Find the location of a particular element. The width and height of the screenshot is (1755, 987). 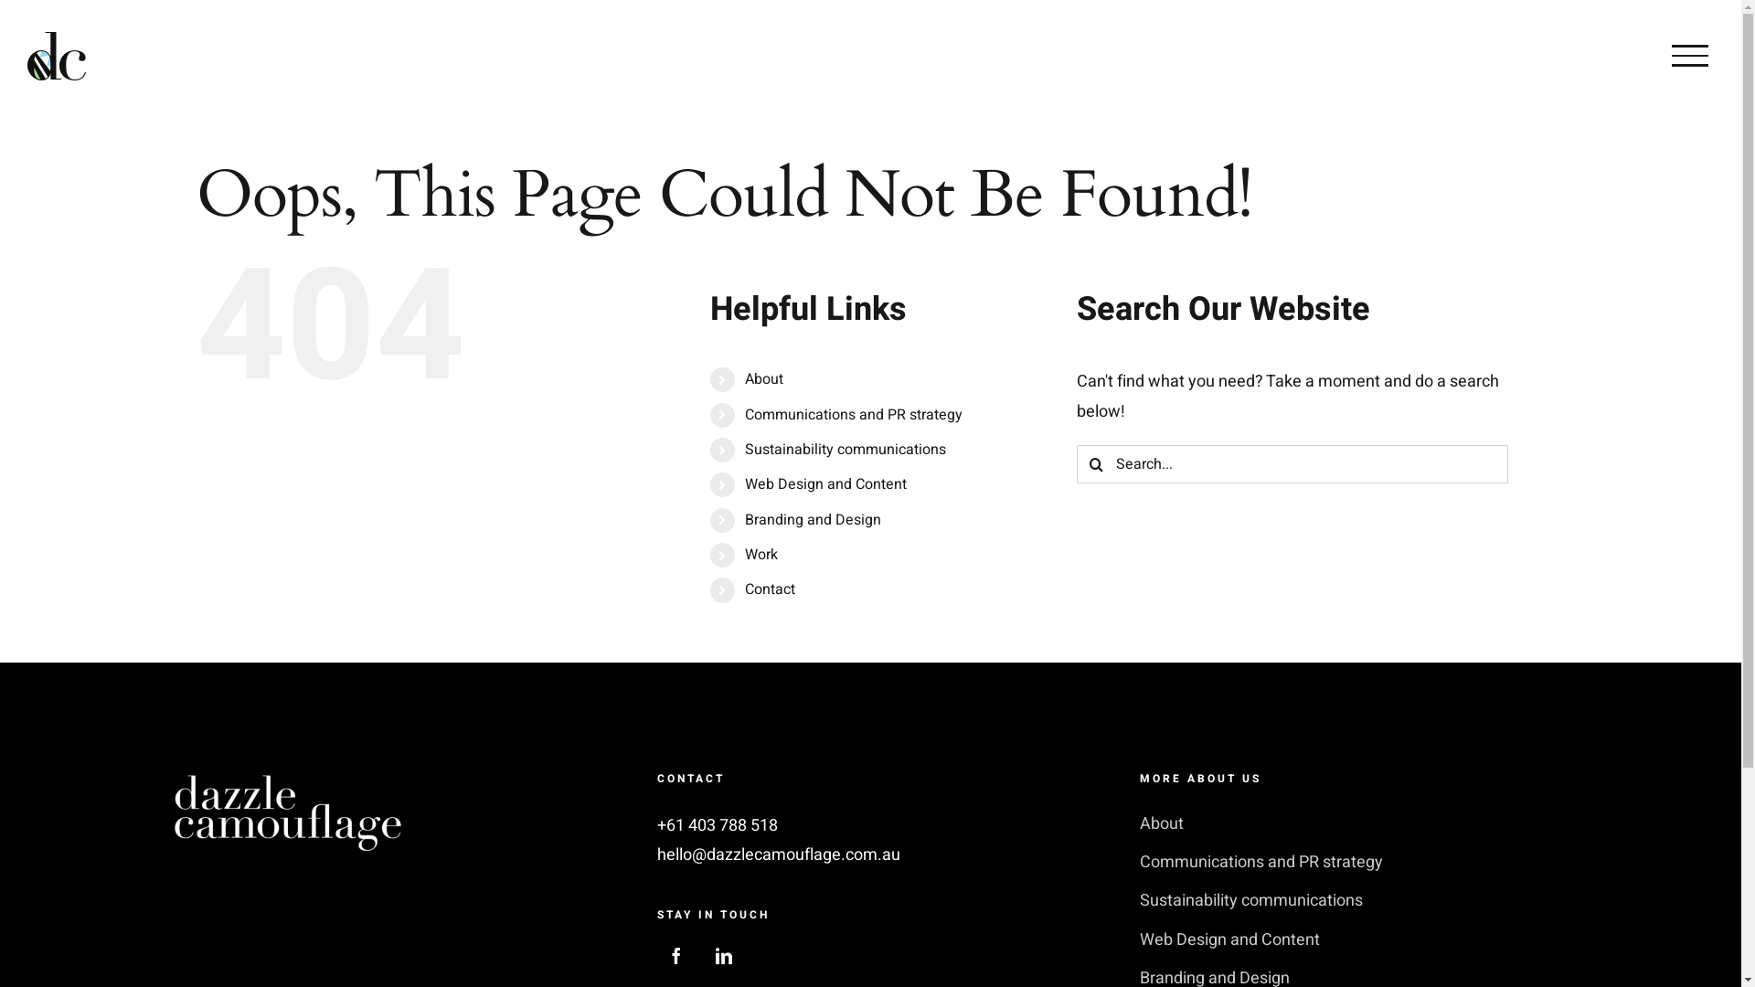

'Facebook' is located at coordinates (675, 954).